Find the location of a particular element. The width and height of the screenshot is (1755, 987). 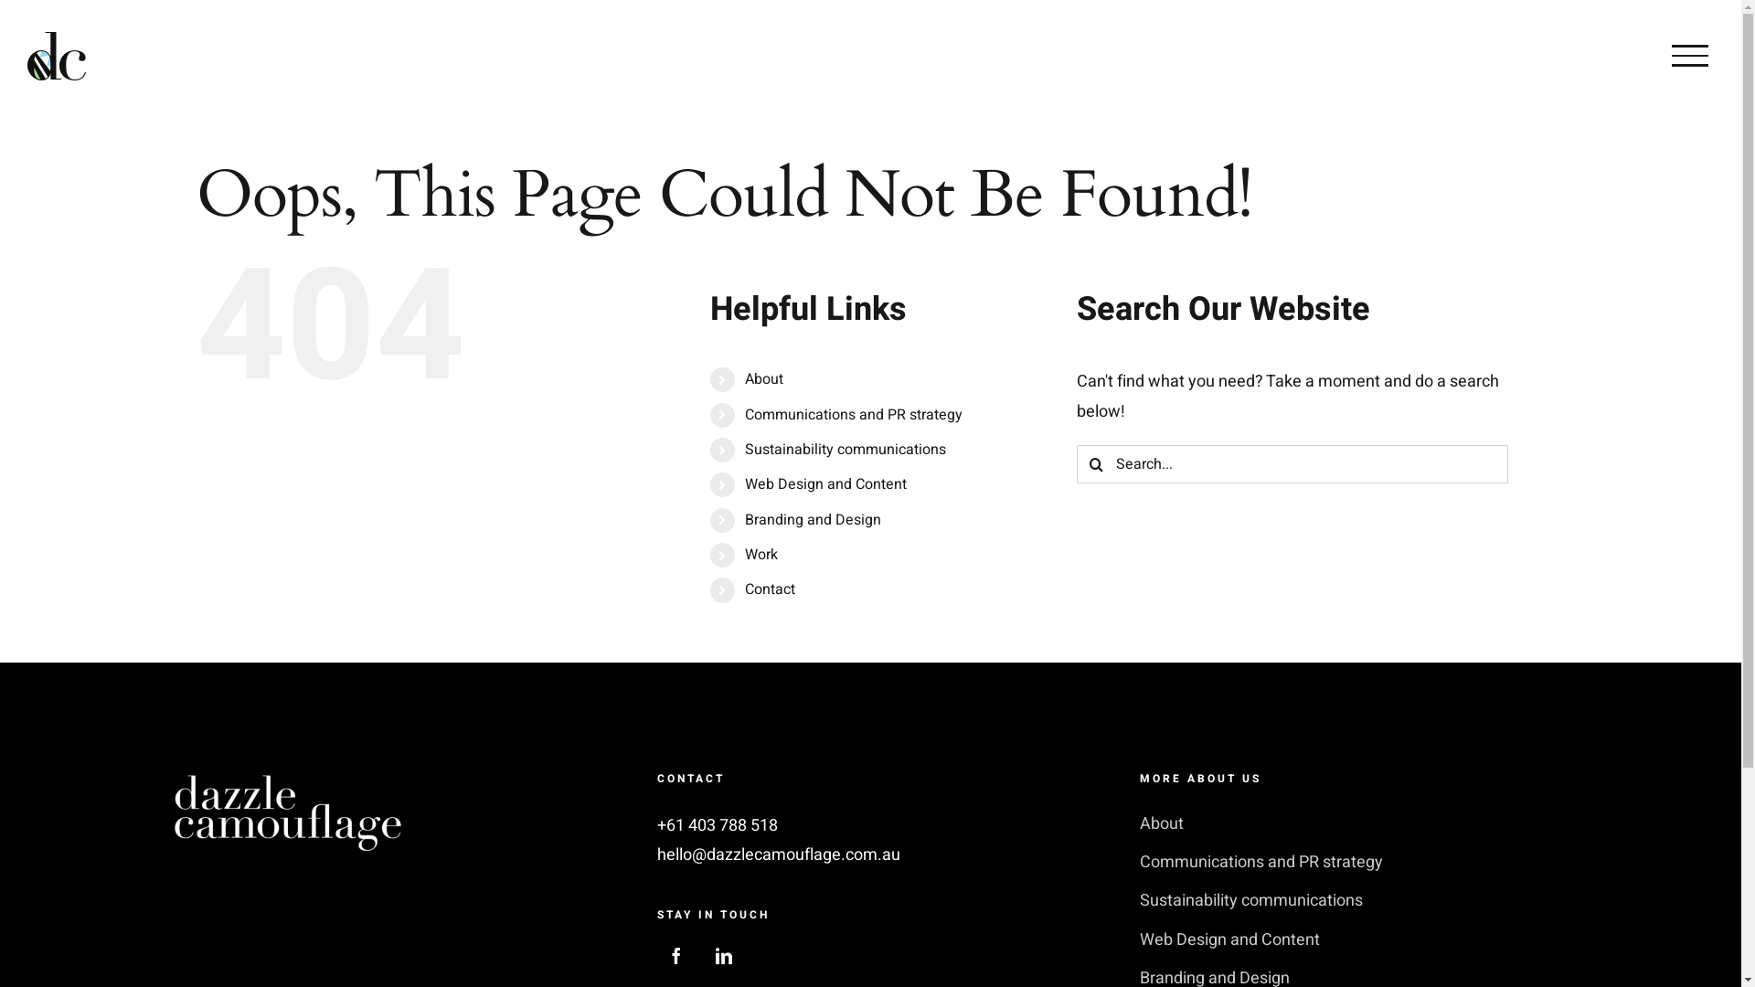

'Facebook' is located at coordinates (675, 954).